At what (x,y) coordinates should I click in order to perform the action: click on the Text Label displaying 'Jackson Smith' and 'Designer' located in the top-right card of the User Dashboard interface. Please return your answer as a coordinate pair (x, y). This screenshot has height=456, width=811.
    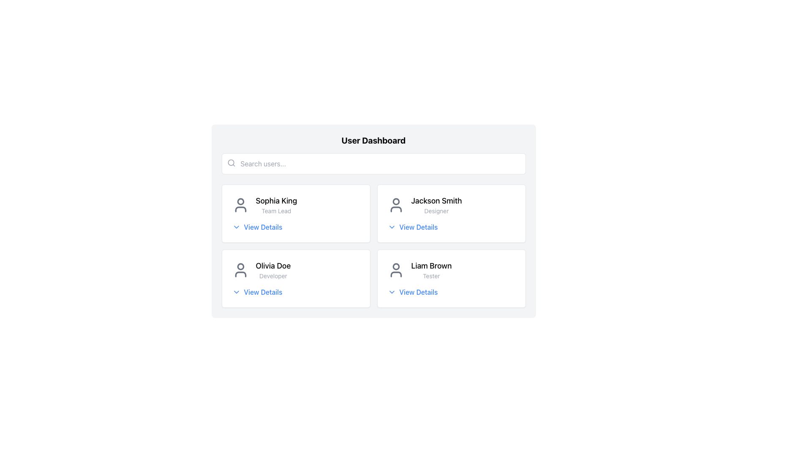
    Looking at the image, I should click on (436, 205).